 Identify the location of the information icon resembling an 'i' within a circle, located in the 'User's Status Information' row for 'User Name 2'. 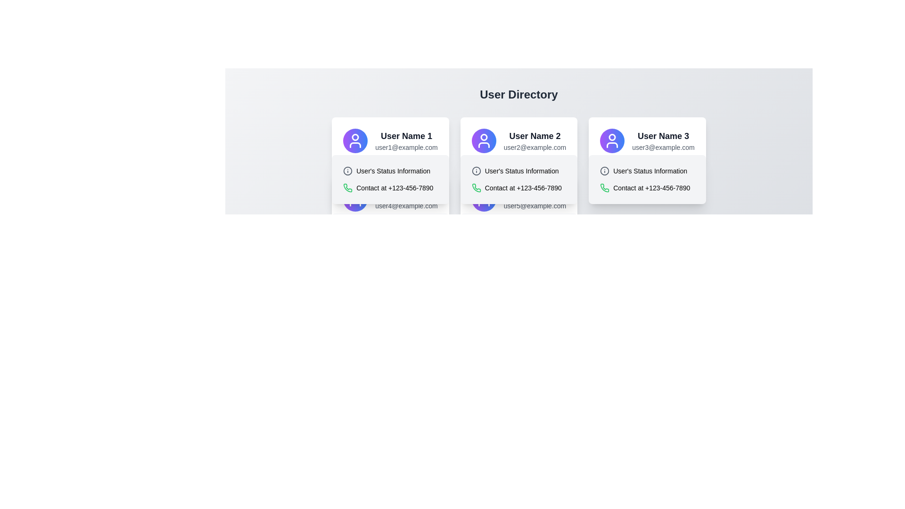
(476, 171).